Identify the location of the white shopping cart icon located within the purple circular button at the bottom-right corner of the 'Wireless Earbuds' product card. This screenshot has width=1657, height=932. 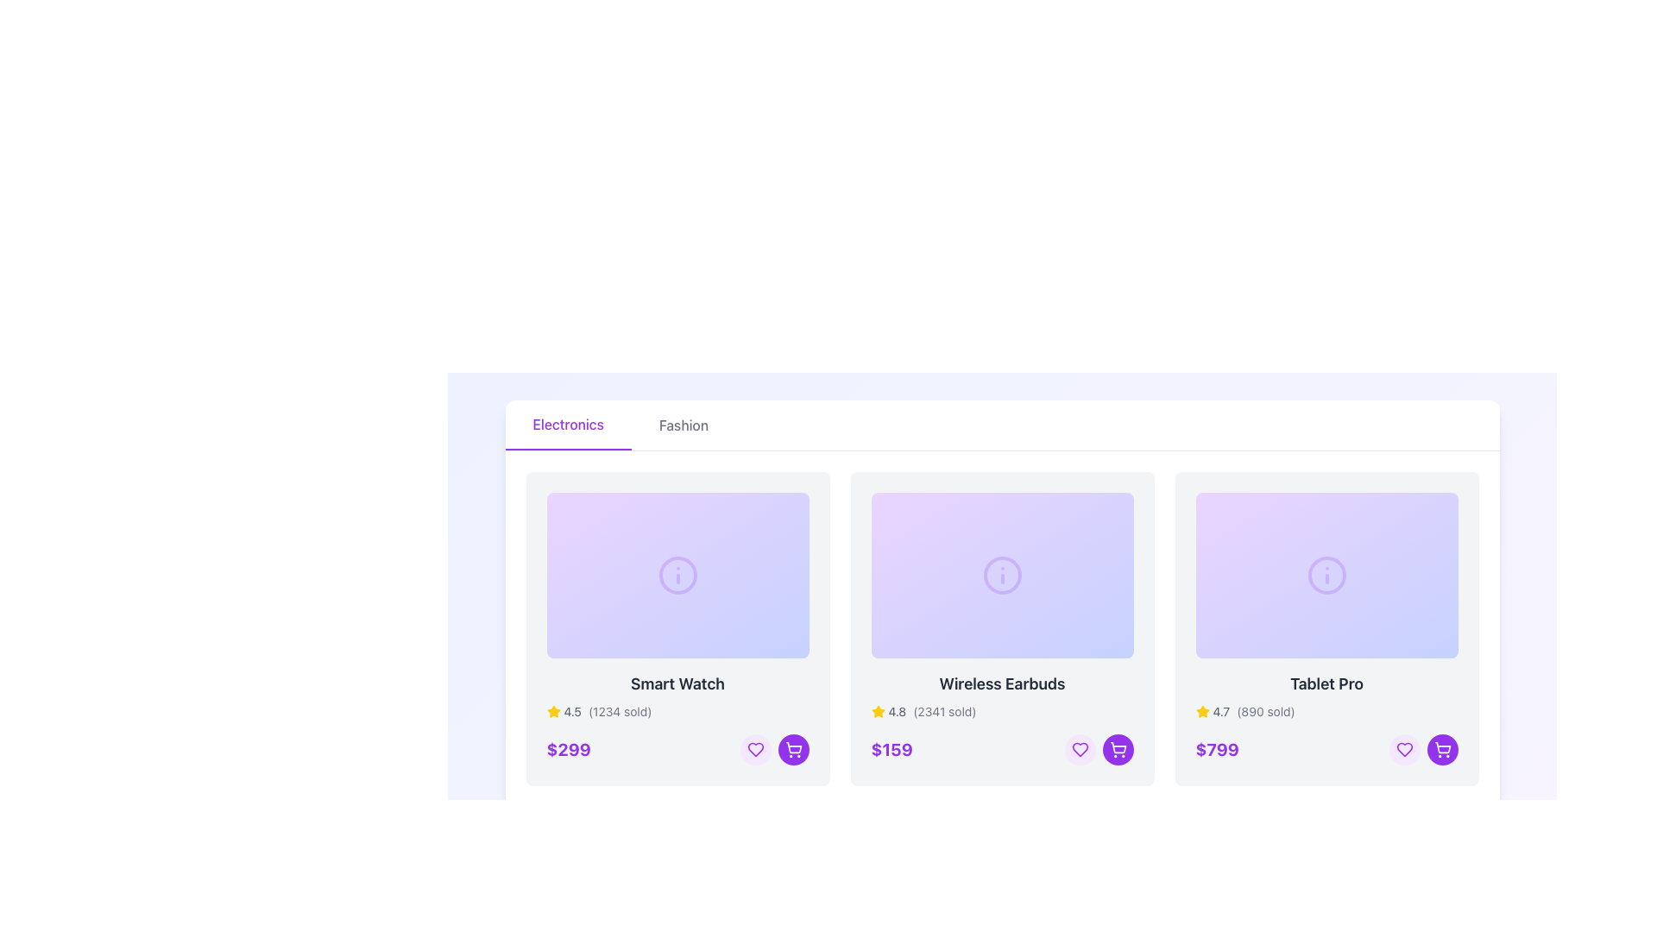
(792, 748).